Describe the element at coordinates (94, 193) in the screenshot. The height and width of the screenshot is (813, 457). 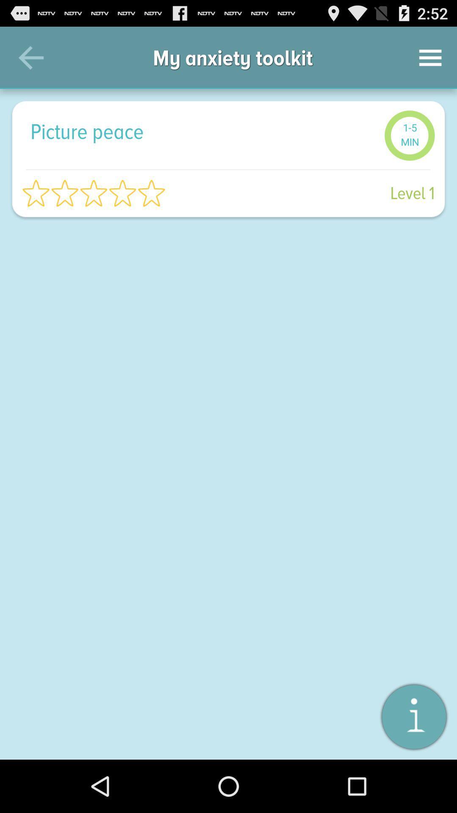
I see `item next to level 1 icon` at that location.